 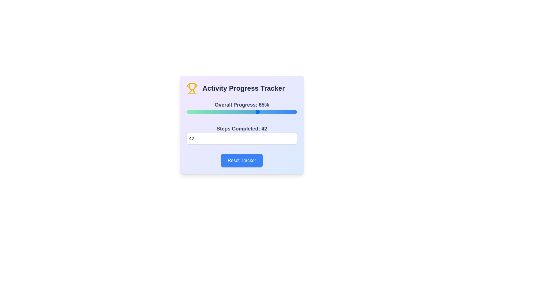 What do you see at coordinates (242, 139) in the screenshot?
I see `the steps completed to 42 by entering the value in the input field` at bounding box center [242, 139].